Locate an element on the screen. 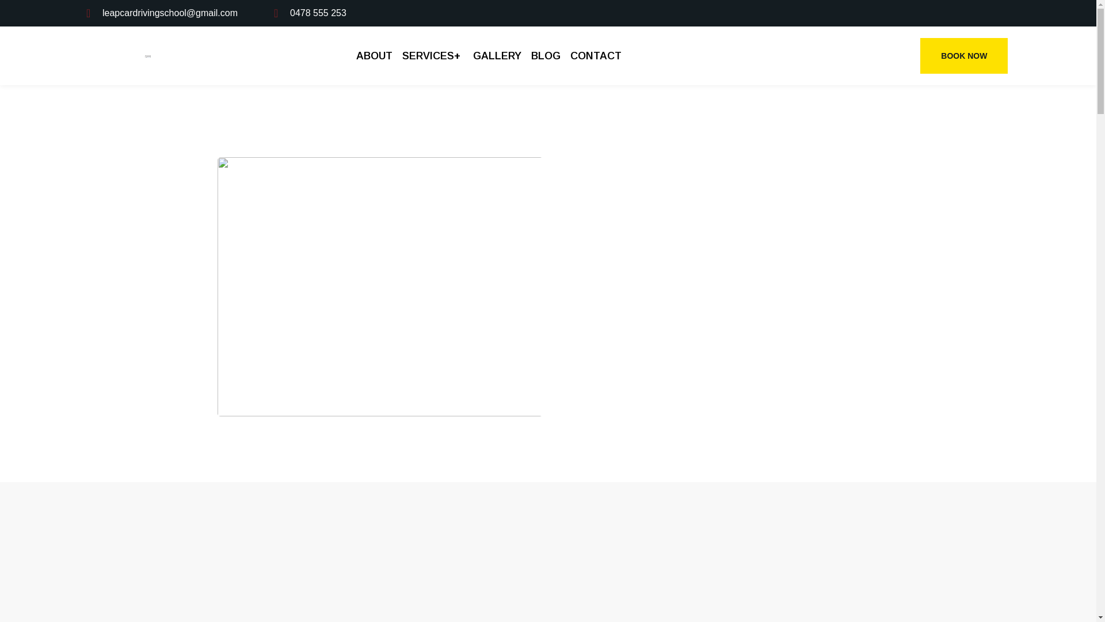  'BOOK NOW' is located at coordinates (964, 55).